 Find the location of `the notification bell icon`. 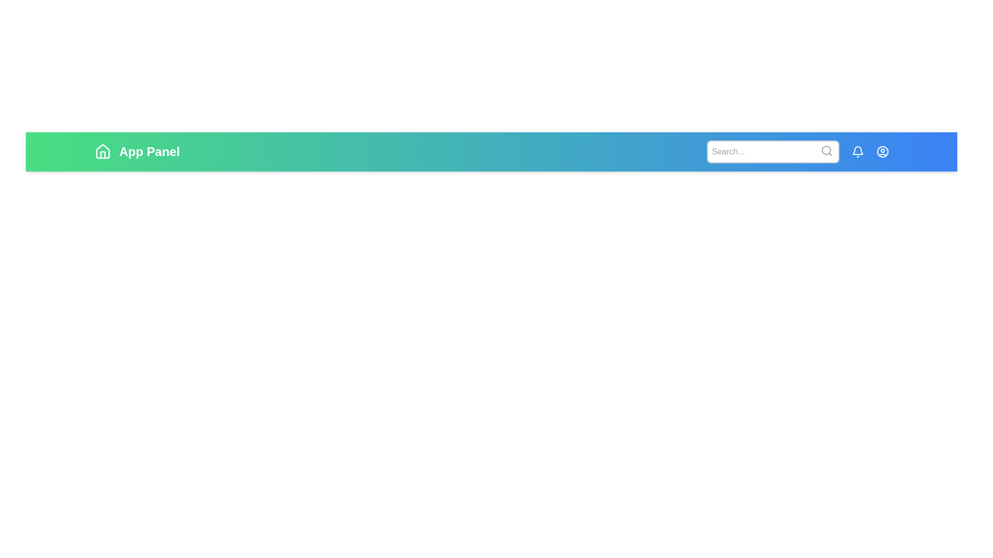

the notification bell icon is located at coordinates (857, 151).